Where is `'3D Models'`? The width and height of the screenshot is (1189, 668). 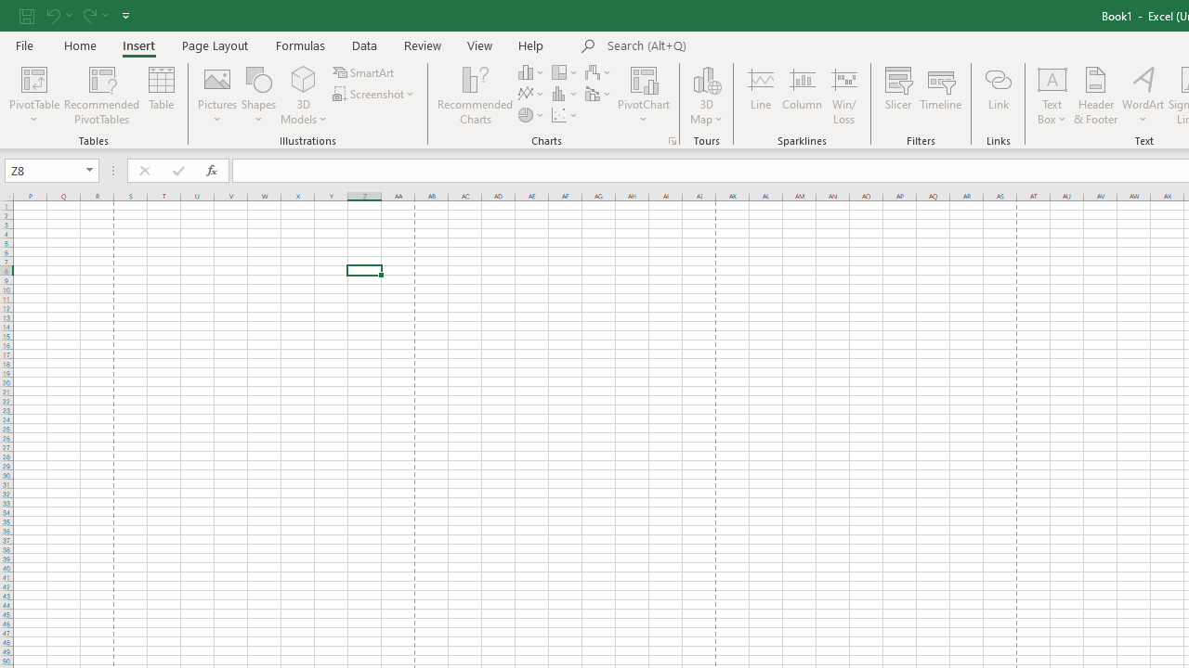 '3D Models' is located at coordinates (304, 78).